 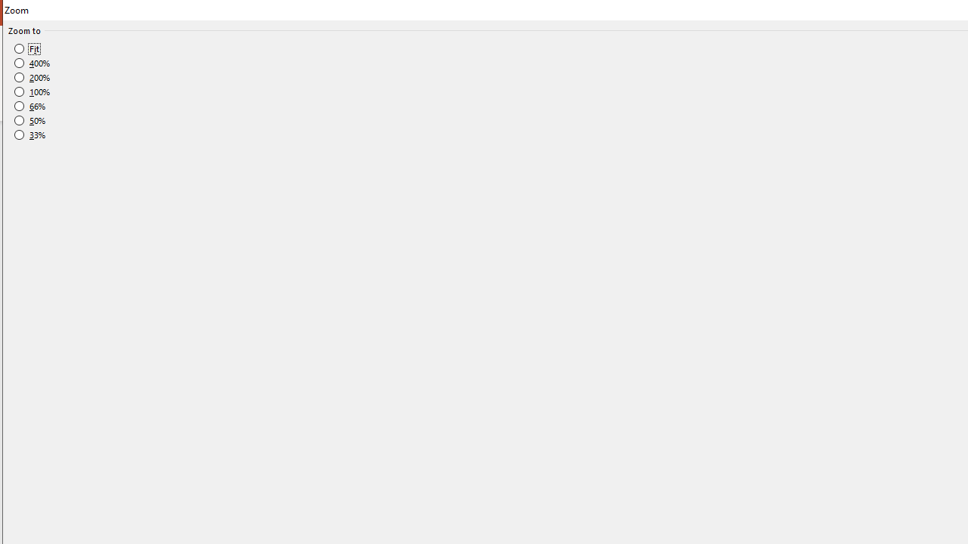 What do you see at coordinates (33, 77) in the screenshot?
I see `'200%'` at bounding box center [33, 77].